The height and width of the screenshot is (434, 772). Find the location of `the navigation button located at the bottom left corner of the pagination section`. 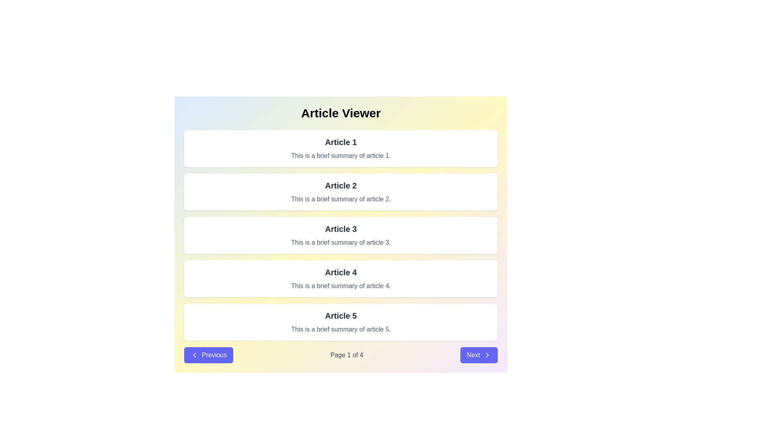

the navigation button located at the bottom left corner of the pagination section is located at coordinates (209, 354).